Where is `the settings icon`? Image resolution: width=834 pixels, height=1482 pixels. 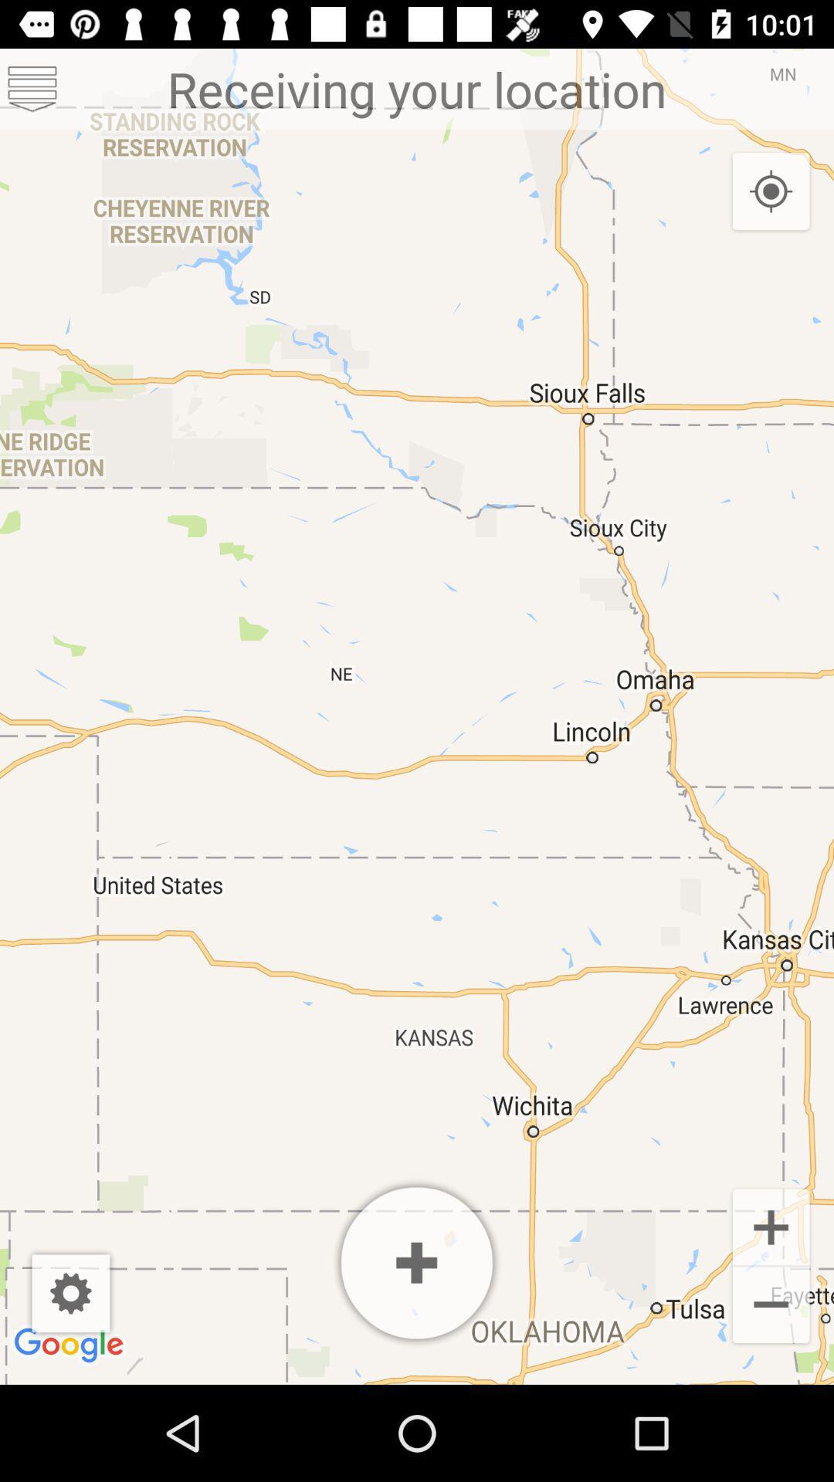
the settings icon is located at coordinates (70, 1293).